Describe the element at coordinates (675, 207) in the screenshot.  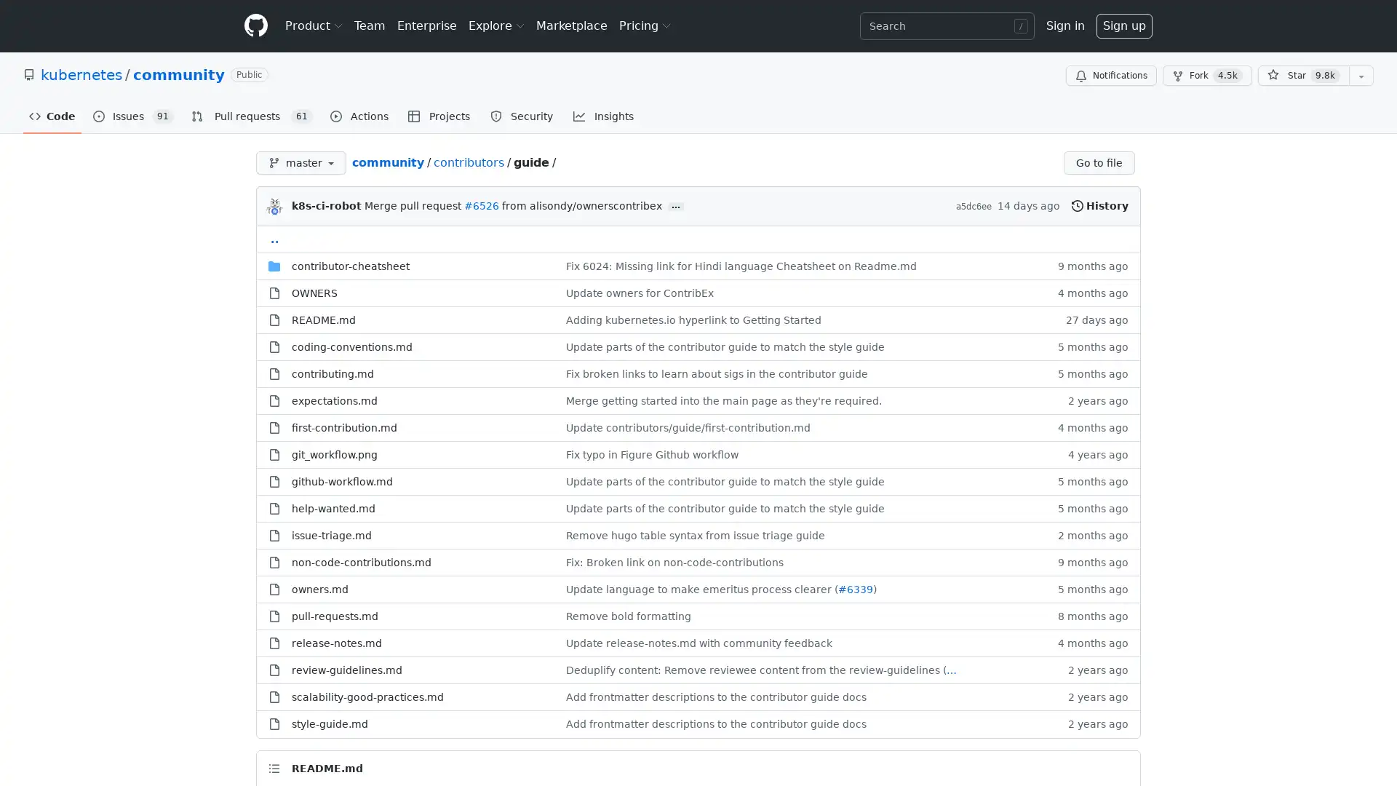
I see `...` at that location.